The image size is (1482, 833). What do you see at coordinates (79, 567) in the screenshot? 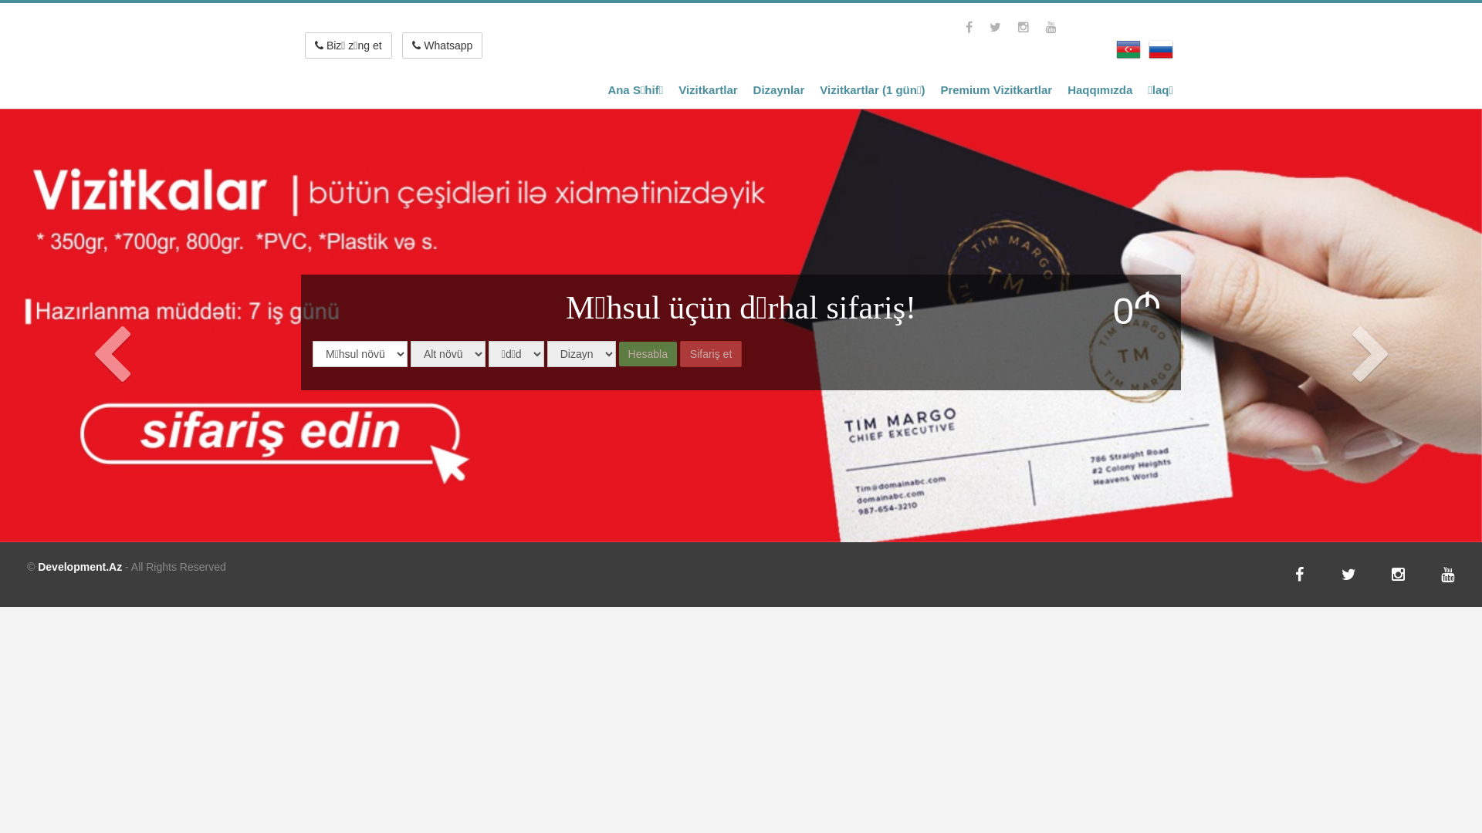
I see `'Development.Az'` at bounding box center [79, 567].